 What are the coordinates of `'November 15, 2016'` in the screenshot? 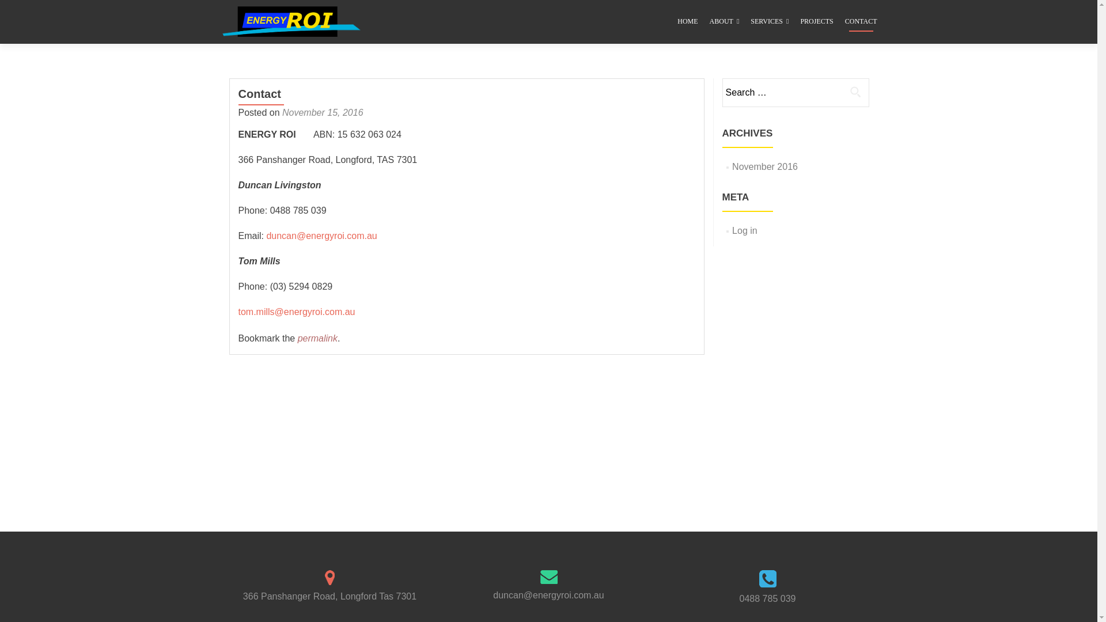 It's located at (323, 112).